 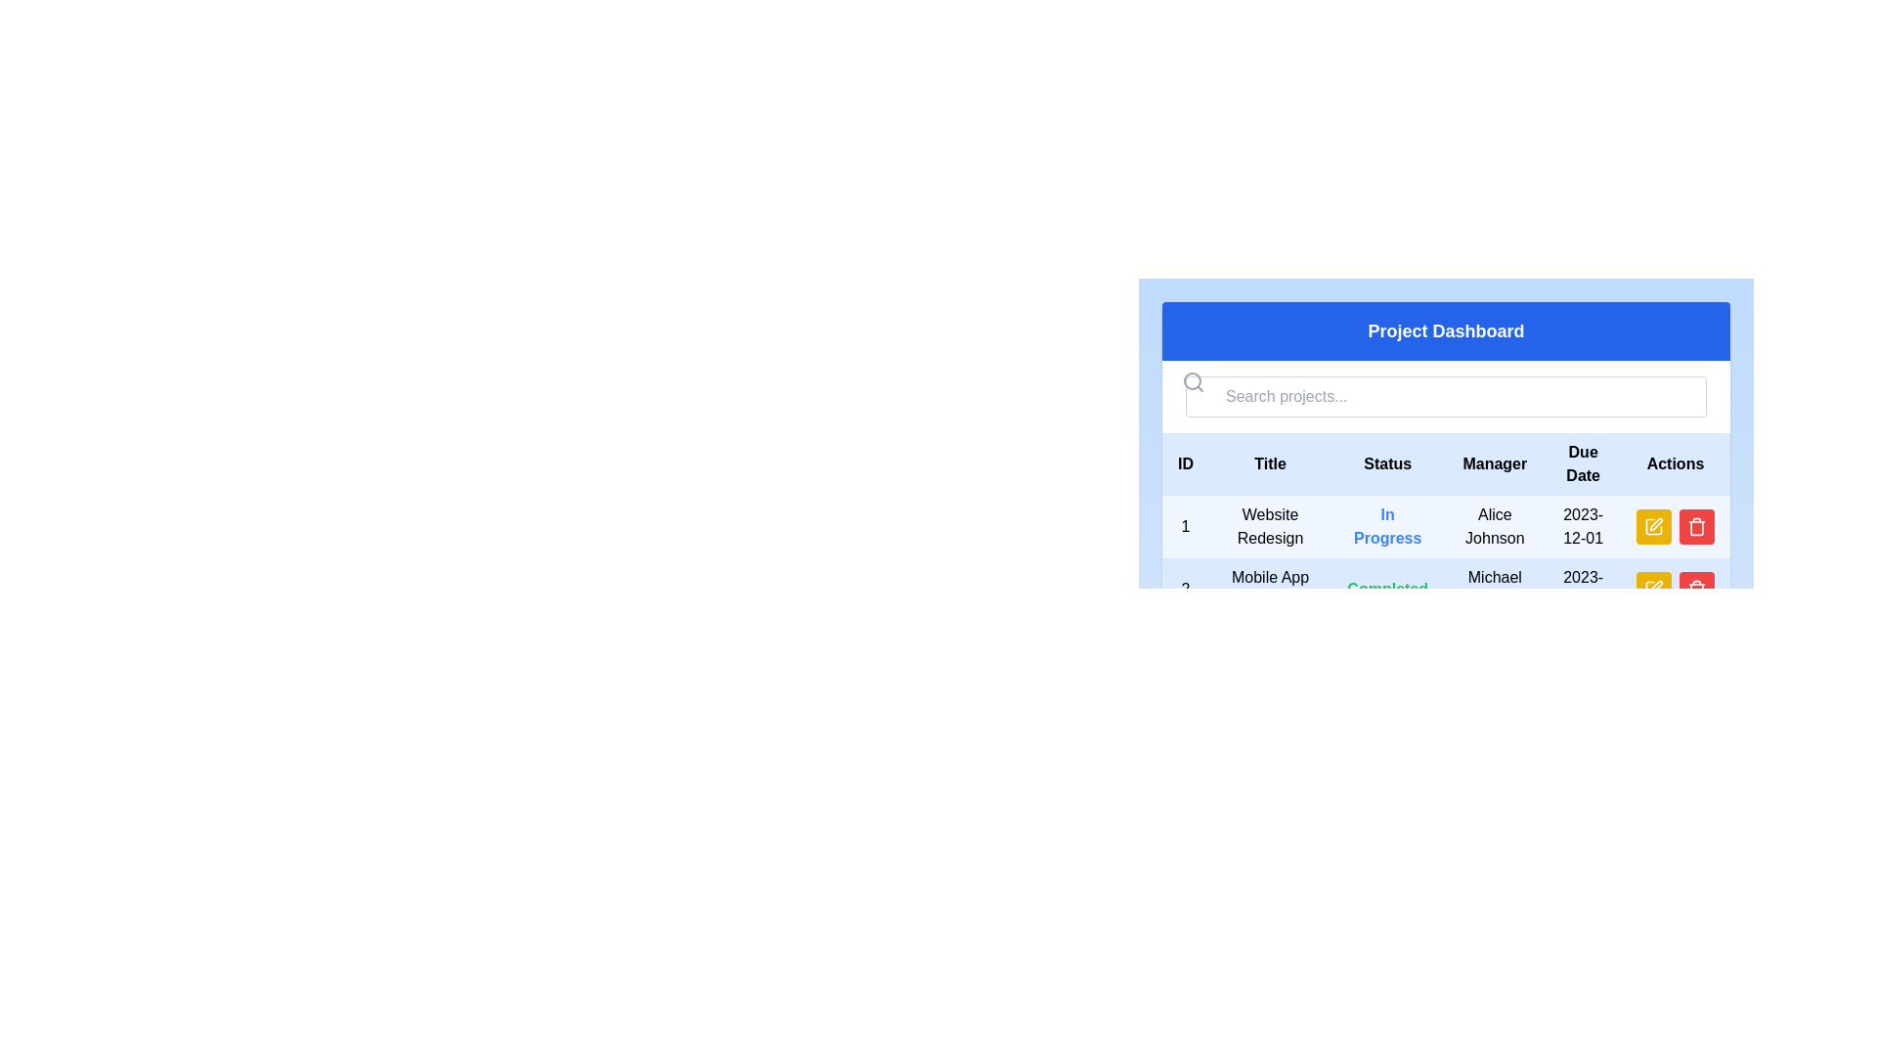 I want to click on the yellow pen icon located in the 'Actions' column of the second item in the project list, so click(x=1652, y=588).